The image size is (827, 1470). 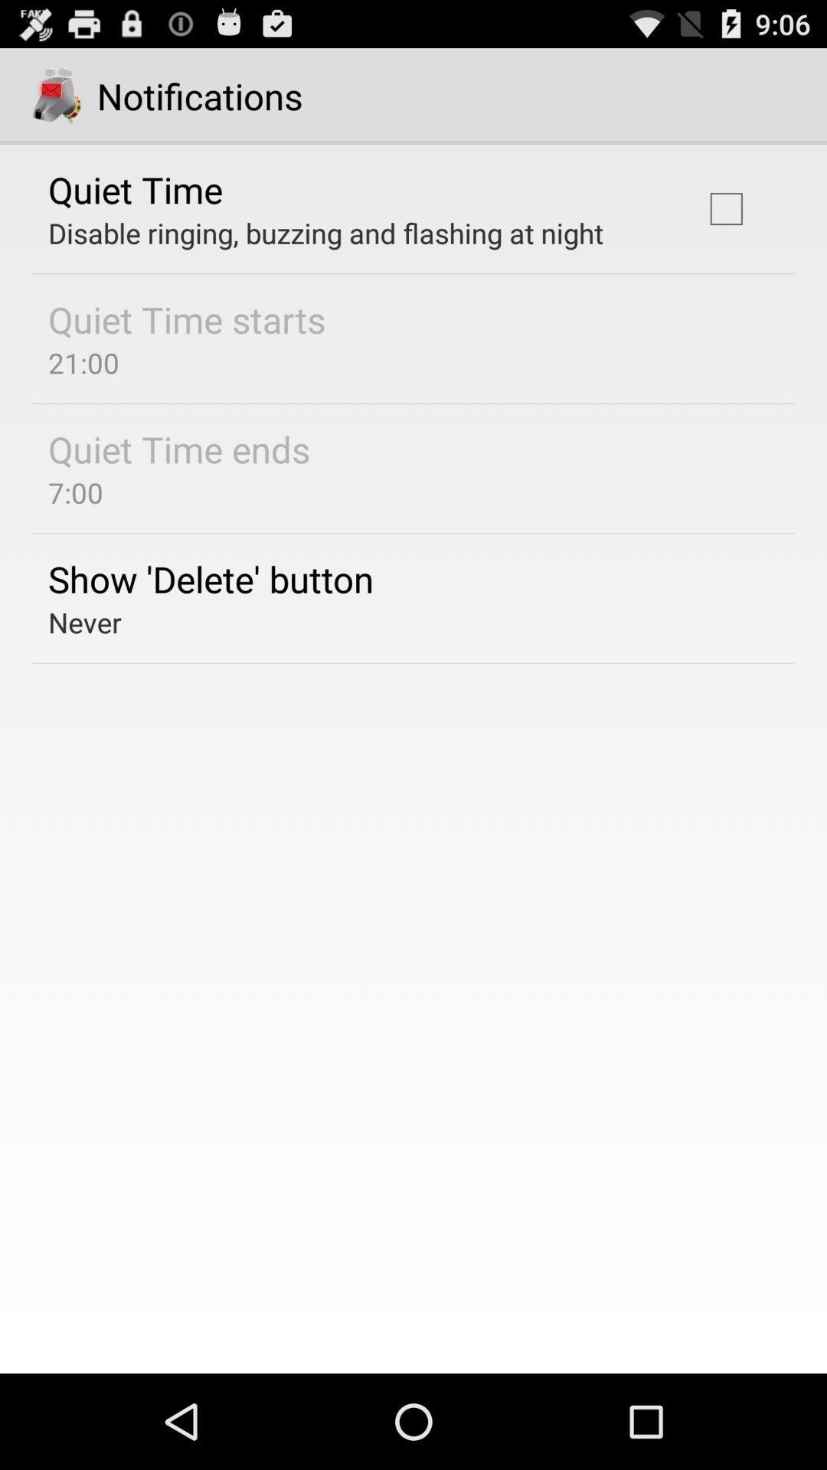 I want to click on the app at the top, so click(x=325, y=232).